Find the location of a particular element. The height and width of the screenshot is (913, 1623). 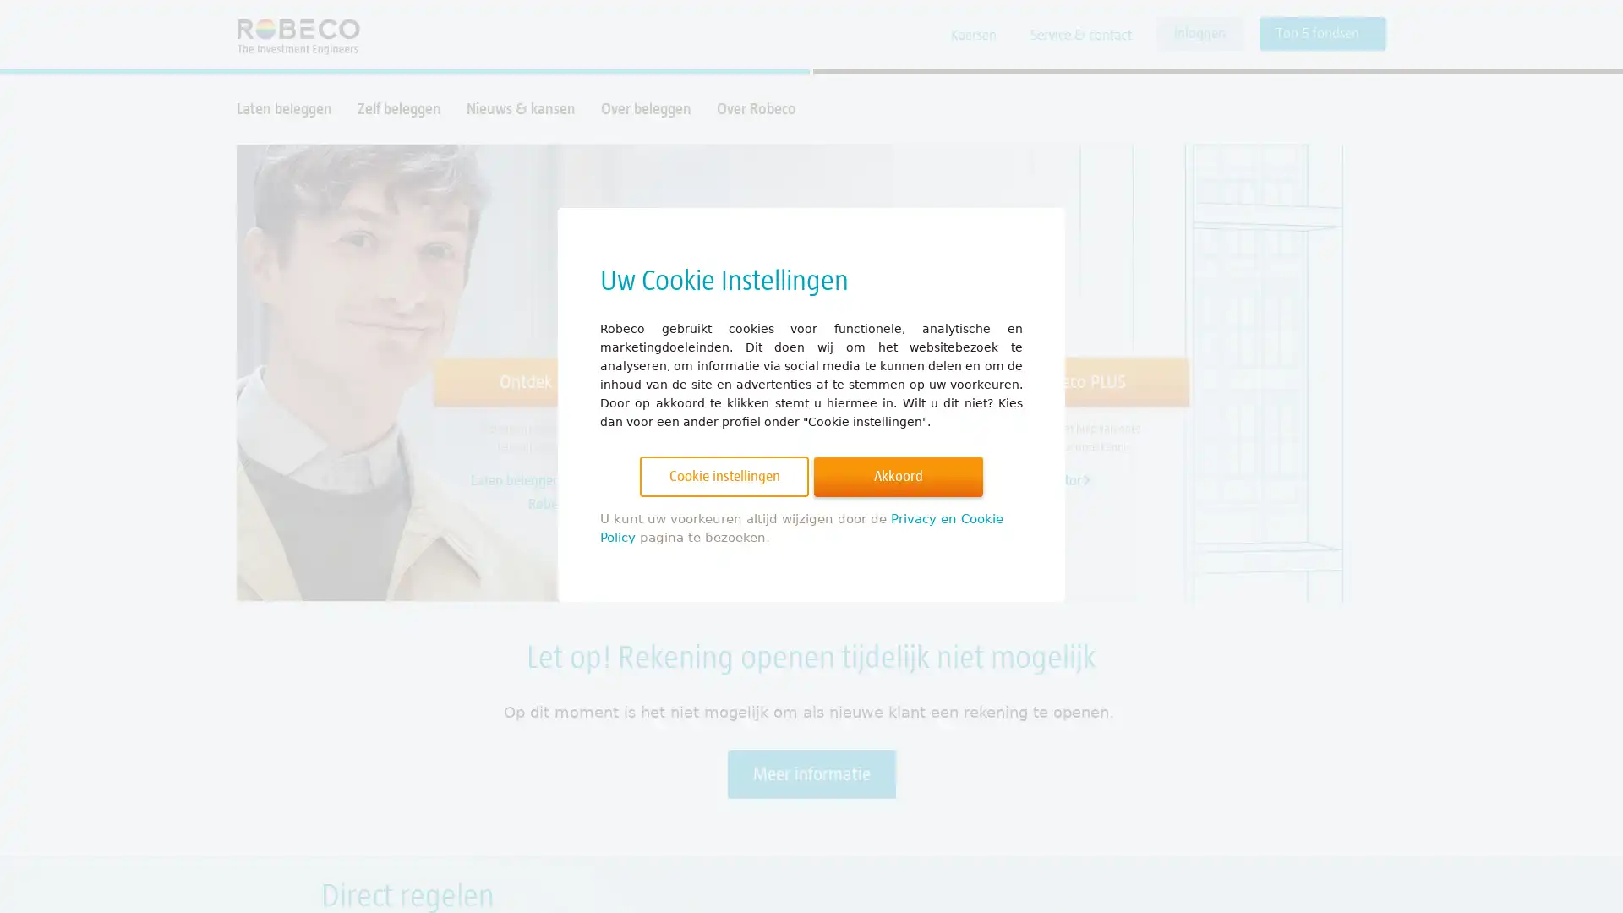

Robeco logo is located at coordinates (290, 35).